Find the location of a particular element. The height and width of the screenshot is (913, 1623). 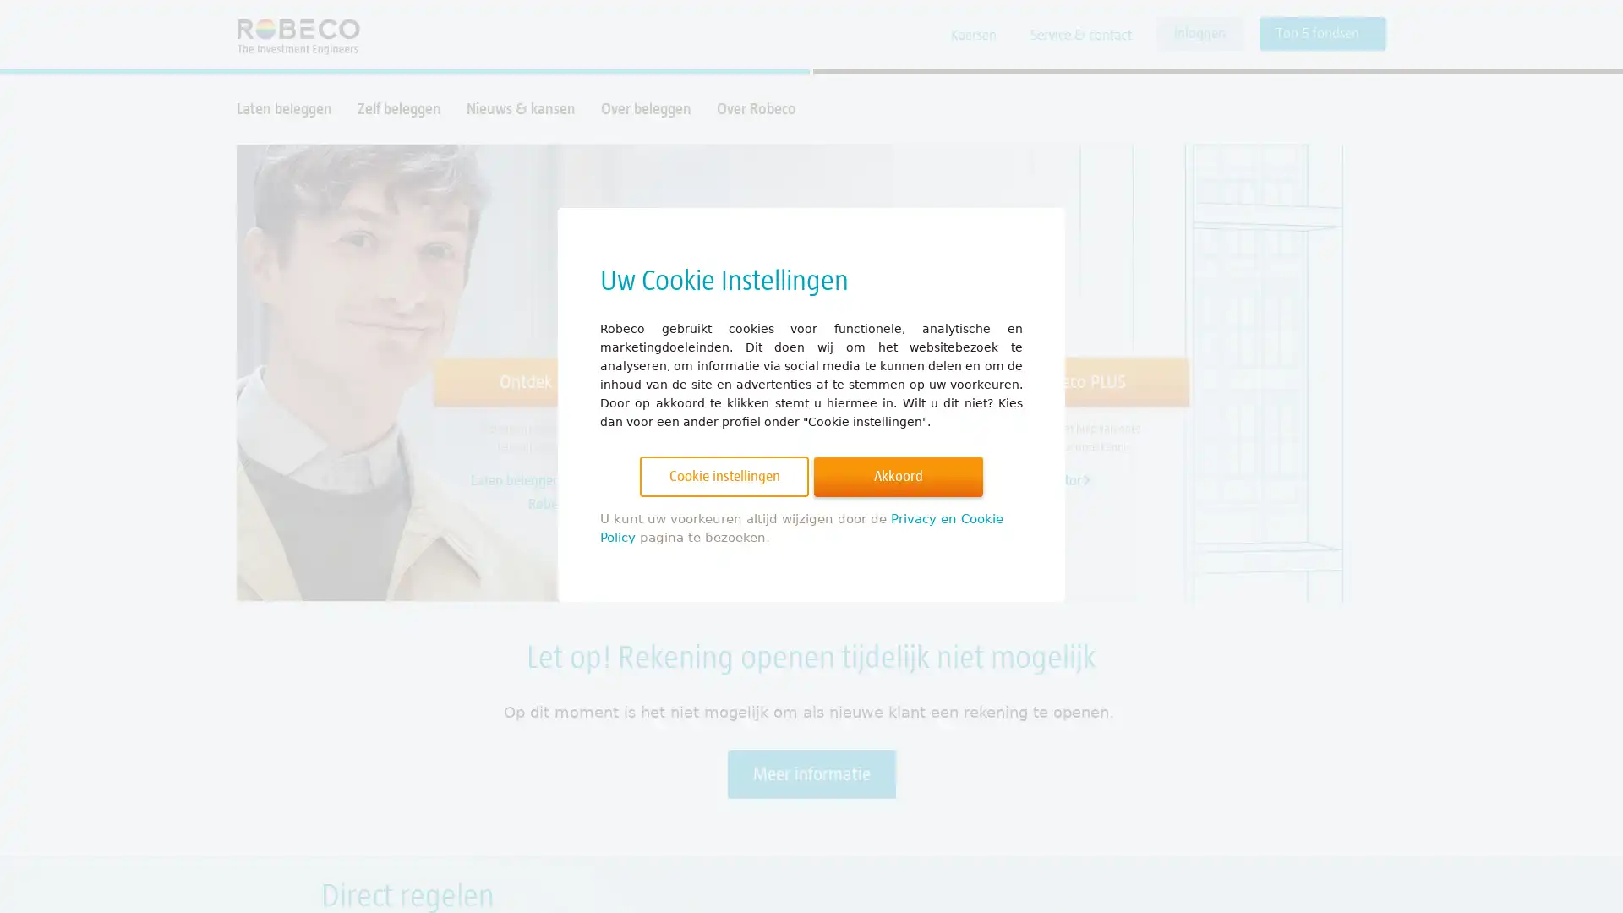

Robeco logo is located at coordinates (290, 35).